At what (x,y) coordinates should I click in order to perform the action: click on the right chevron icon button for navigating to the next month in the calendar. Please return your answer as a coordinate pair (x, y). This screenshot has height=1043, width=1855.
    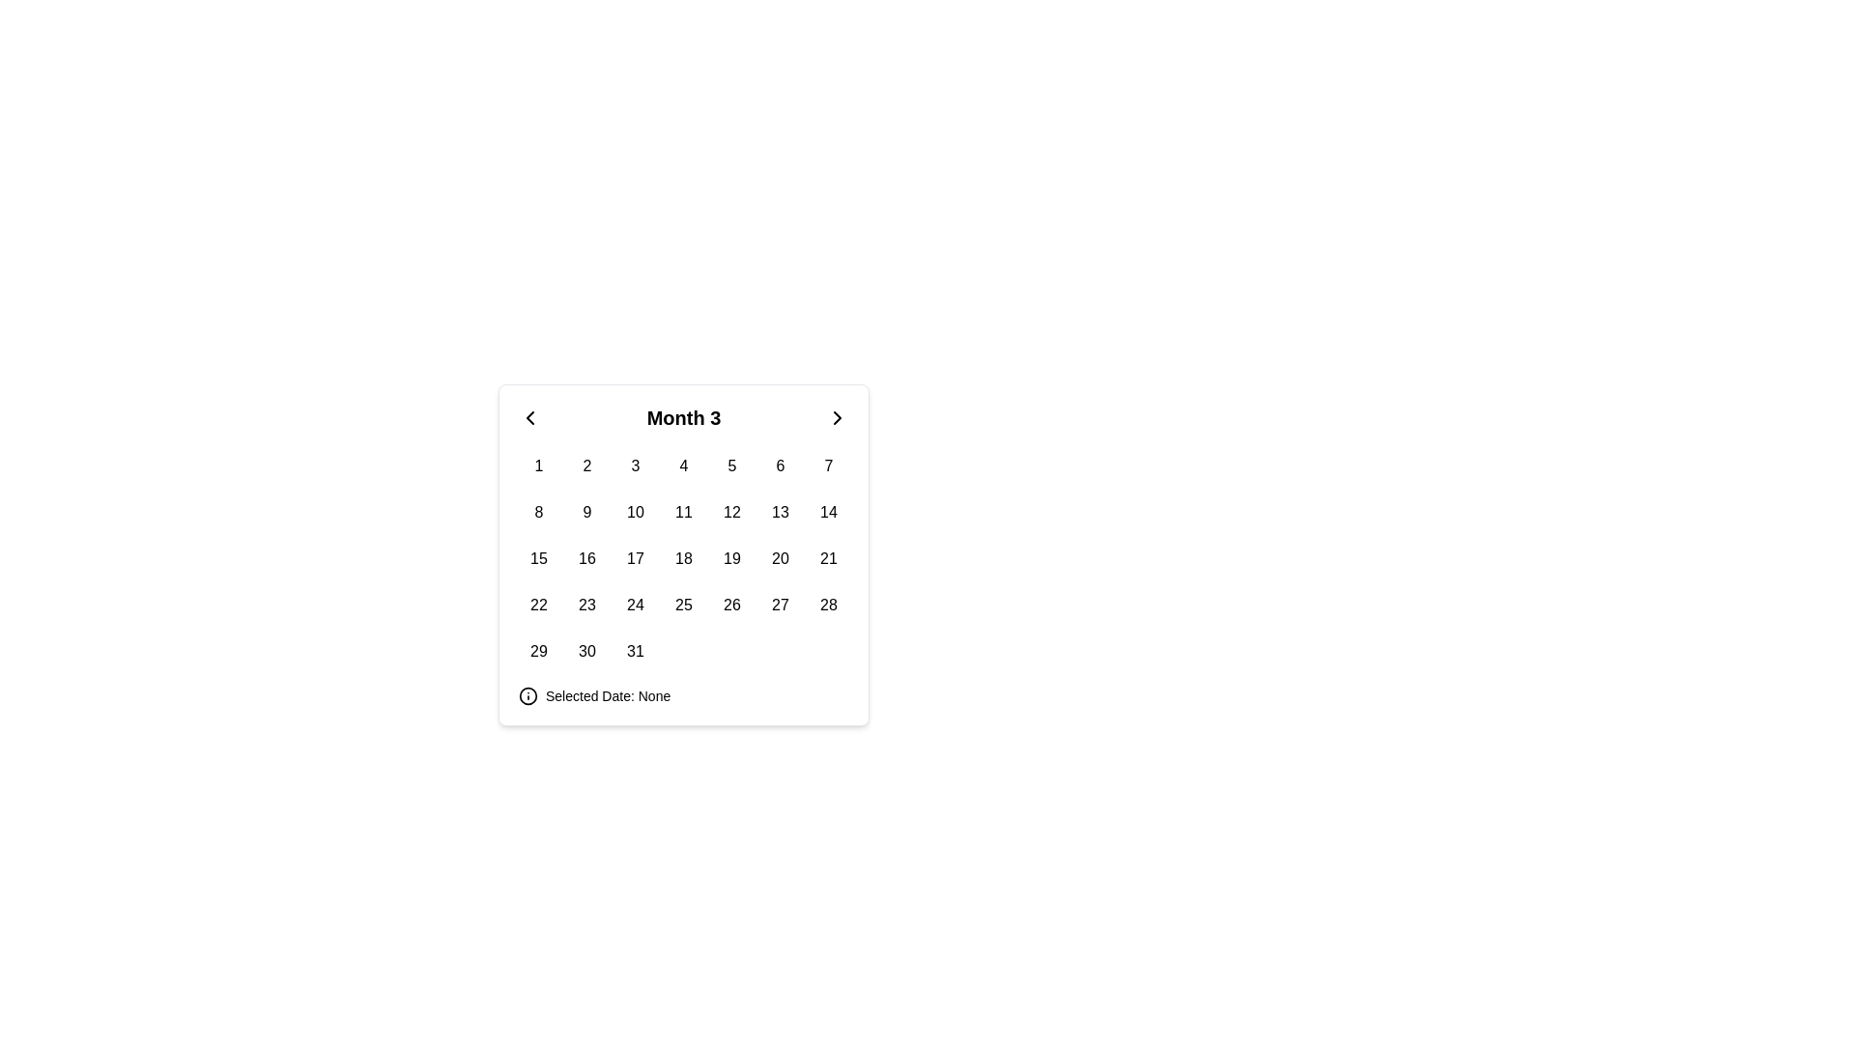
    Looking at the image, I should click on (838, 416).